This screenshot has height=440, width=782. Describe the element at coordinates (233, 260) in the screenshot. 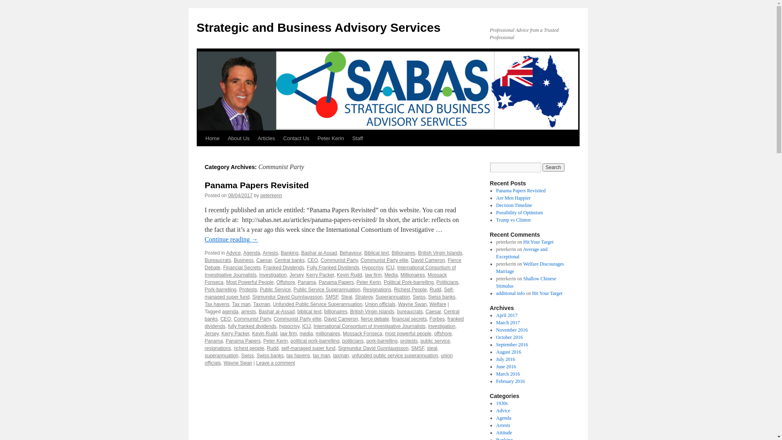

I see `'Business'` at that location.